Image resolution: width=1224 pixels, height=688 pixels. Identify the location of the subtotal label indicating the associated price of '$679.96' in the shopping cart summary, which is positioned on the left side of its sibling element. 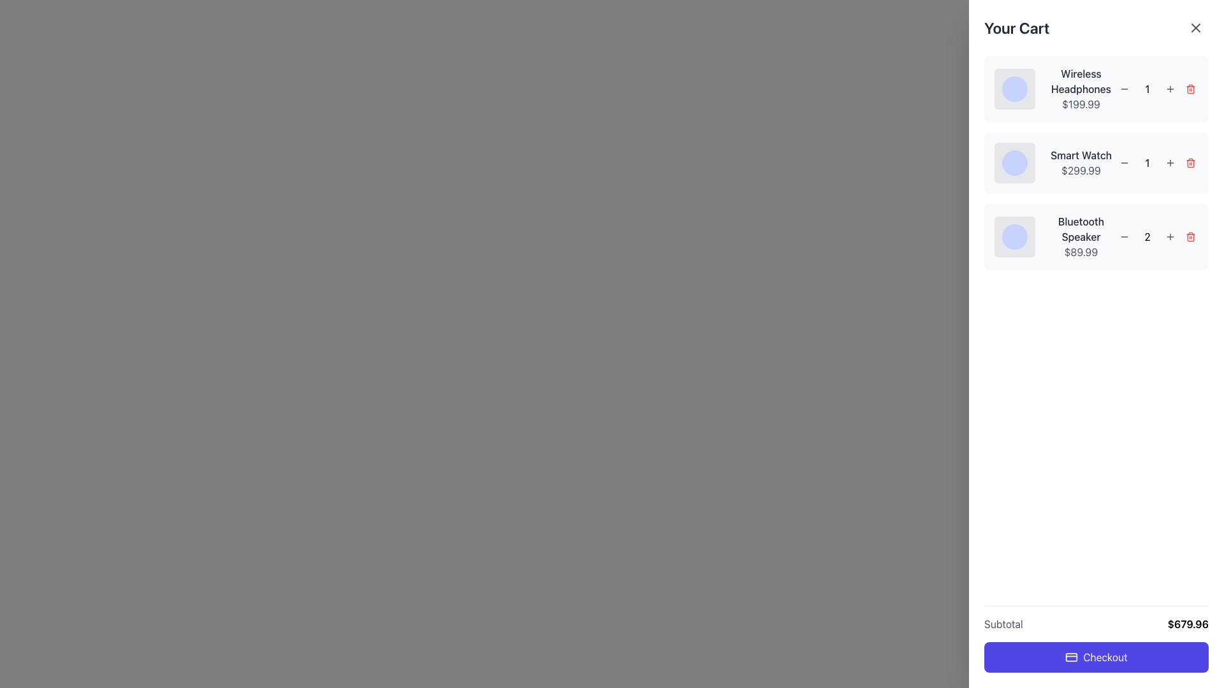
(1003, 623).